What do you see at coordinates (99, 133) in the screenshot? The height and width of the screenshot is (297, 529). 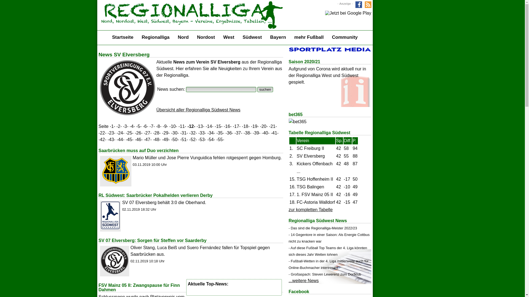 I see `'-22-'` at bounding box center [99, 133].